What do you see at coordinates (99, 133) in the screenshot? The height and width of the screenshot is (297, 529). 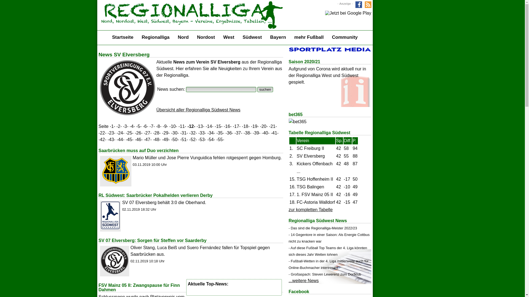 I see `'-22-'` at bounding box center [99, 133].